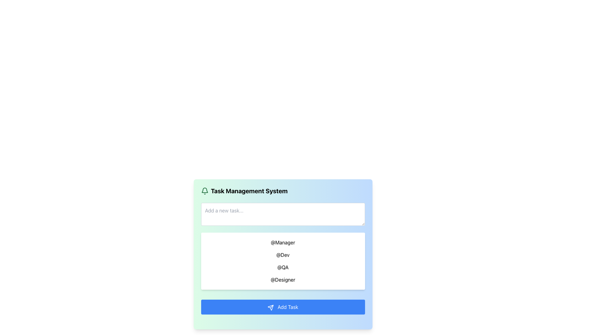  Describe the element at coordinates (205, 191) in the screenshot. I see `the bell-shaped icon outlined in green, located next to the text 'Task Management System' at the top of the card component` at that location.